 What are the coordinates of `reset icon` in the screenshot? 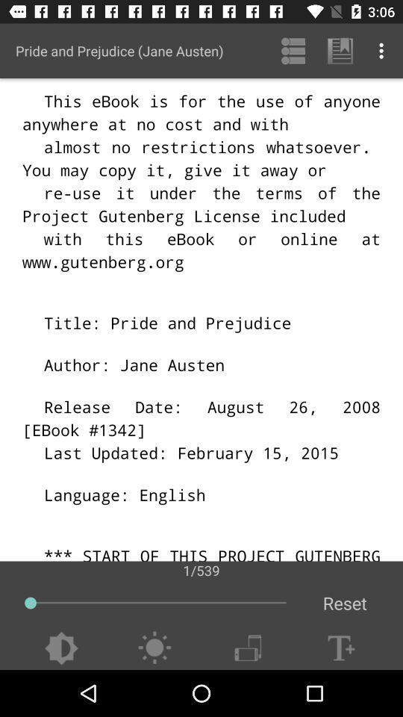 It's located at (345, 603).